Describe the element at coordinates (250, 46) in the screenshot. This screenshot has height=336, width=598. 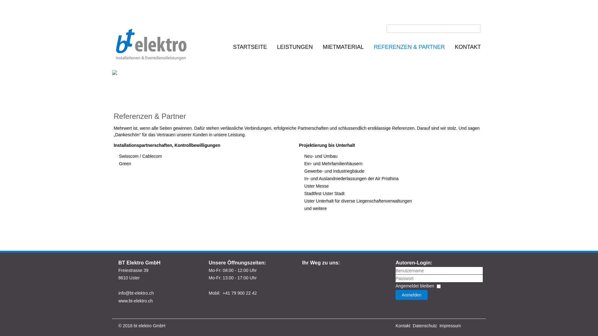
I see `'STARTSEITE'` at that location.